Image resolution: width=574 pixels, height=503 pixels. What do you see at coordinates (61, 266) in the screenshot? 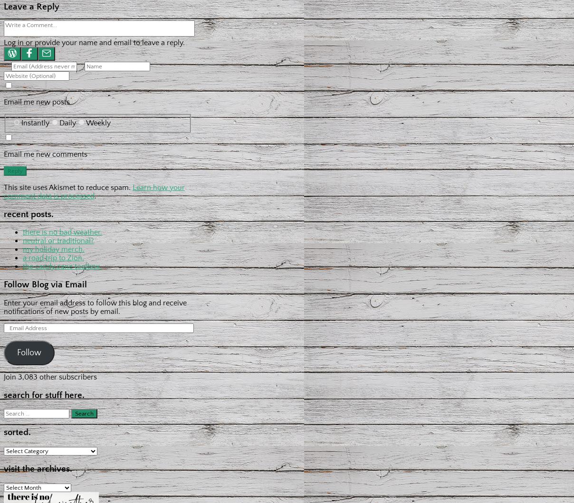
I see `'the candy cane toolbox.'` at bounding box center [61, 266].